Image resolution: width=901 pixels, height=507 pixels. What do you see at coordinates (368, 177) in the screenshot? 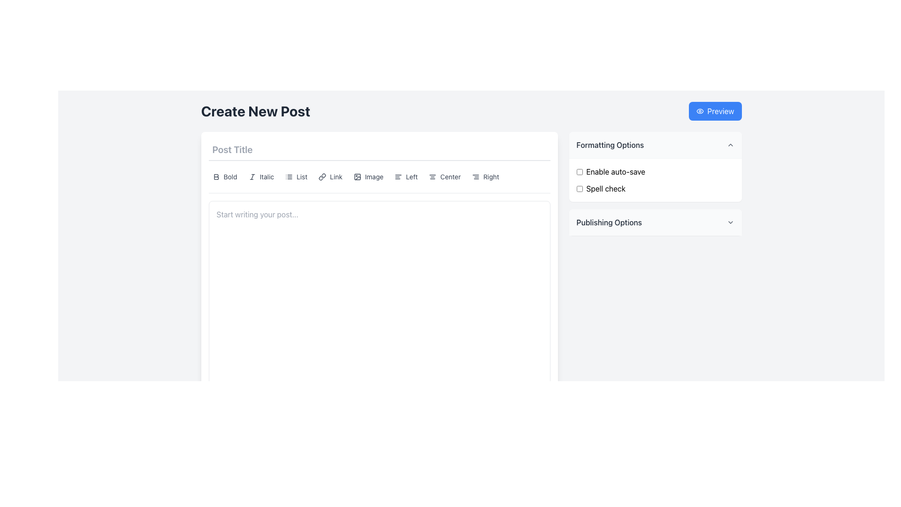
I see `the interactive button labeled 'Image'` at bounding box center [368, 177].